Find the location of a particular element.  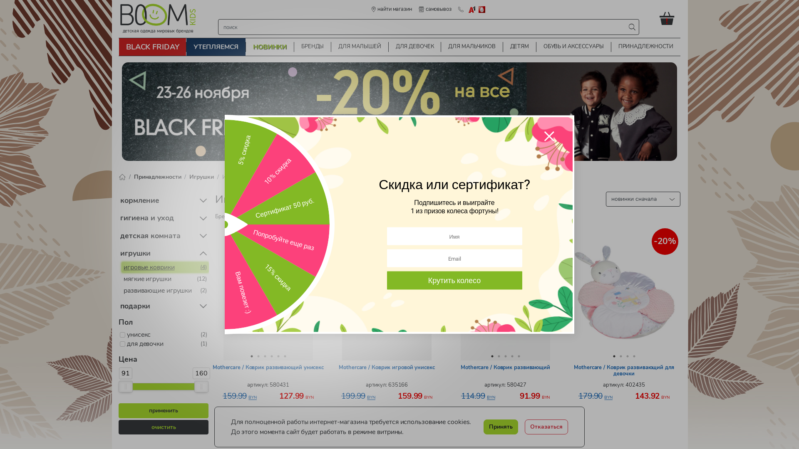

'3' is located at coordinates (627, 355).